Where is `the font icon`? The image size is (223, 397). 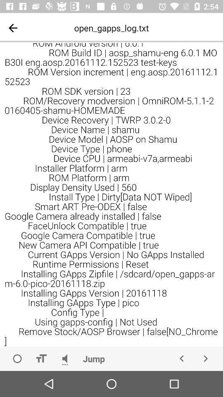
the font icon is located at coordinates (40, 358).